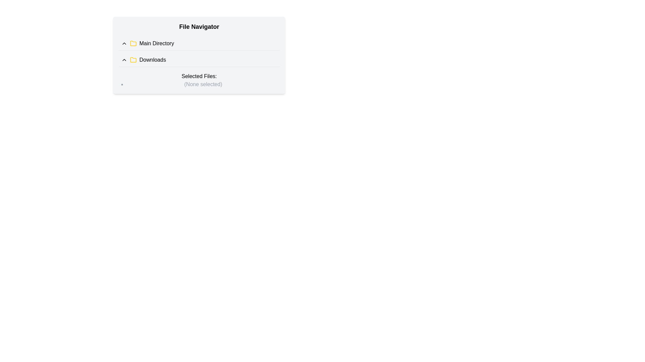 The height and width of the screenshot is (362, 645). I want to click on the 'Main Directory' collapsible directory item, so click(199, 44).